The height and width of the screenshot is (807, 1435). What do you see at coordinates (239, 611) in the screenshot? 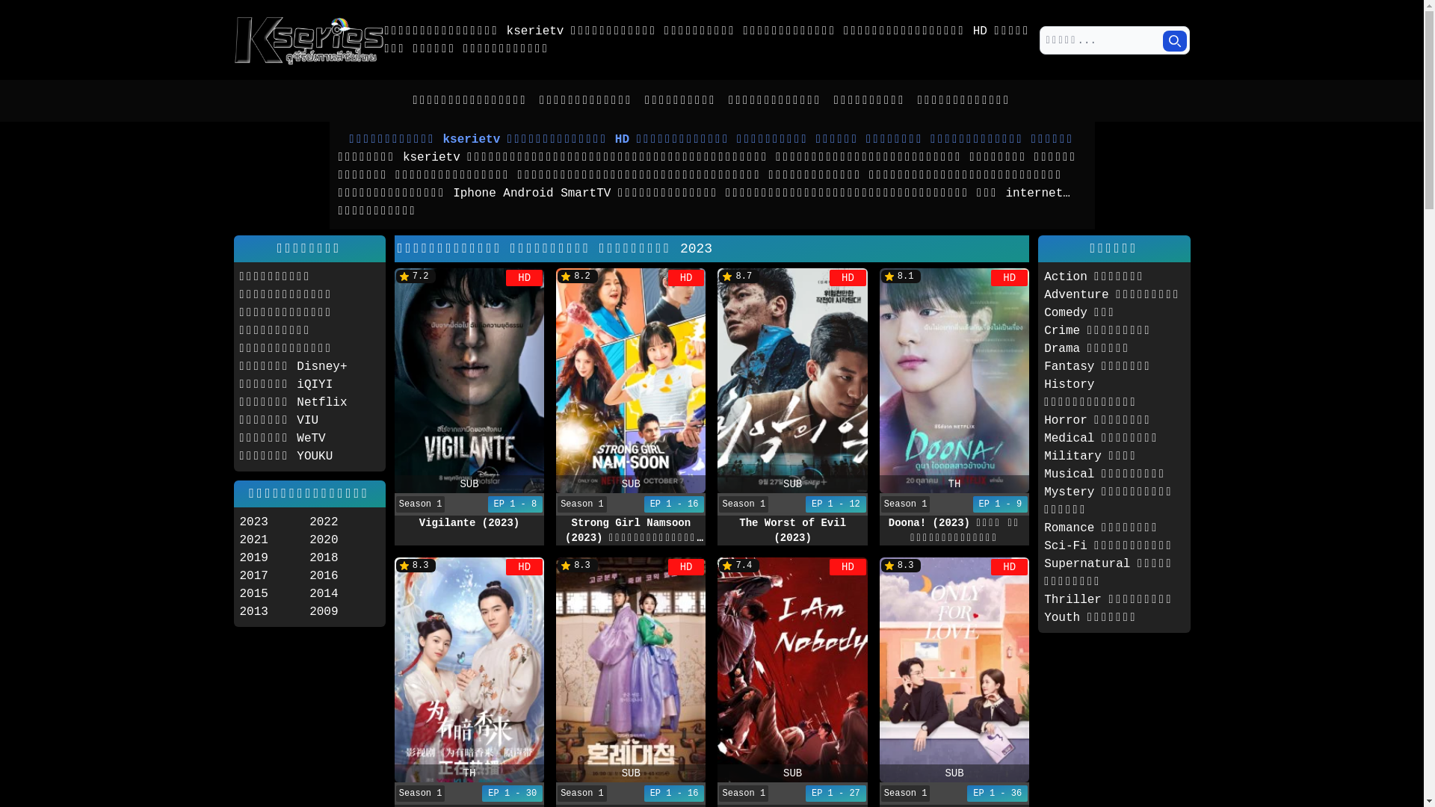
I see `'2013'` at bounding box center [239, 611].